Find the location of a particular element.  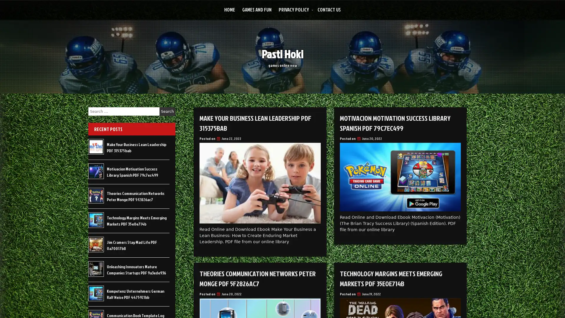

Search is located at coordinates (167, 111).